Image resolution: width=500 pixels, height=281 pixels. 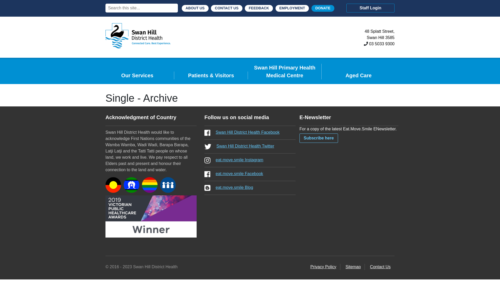 What do you see at coordinates (137, 75) in the screenshot?
I see `'Our Services'` at bounding box center [137, 75].